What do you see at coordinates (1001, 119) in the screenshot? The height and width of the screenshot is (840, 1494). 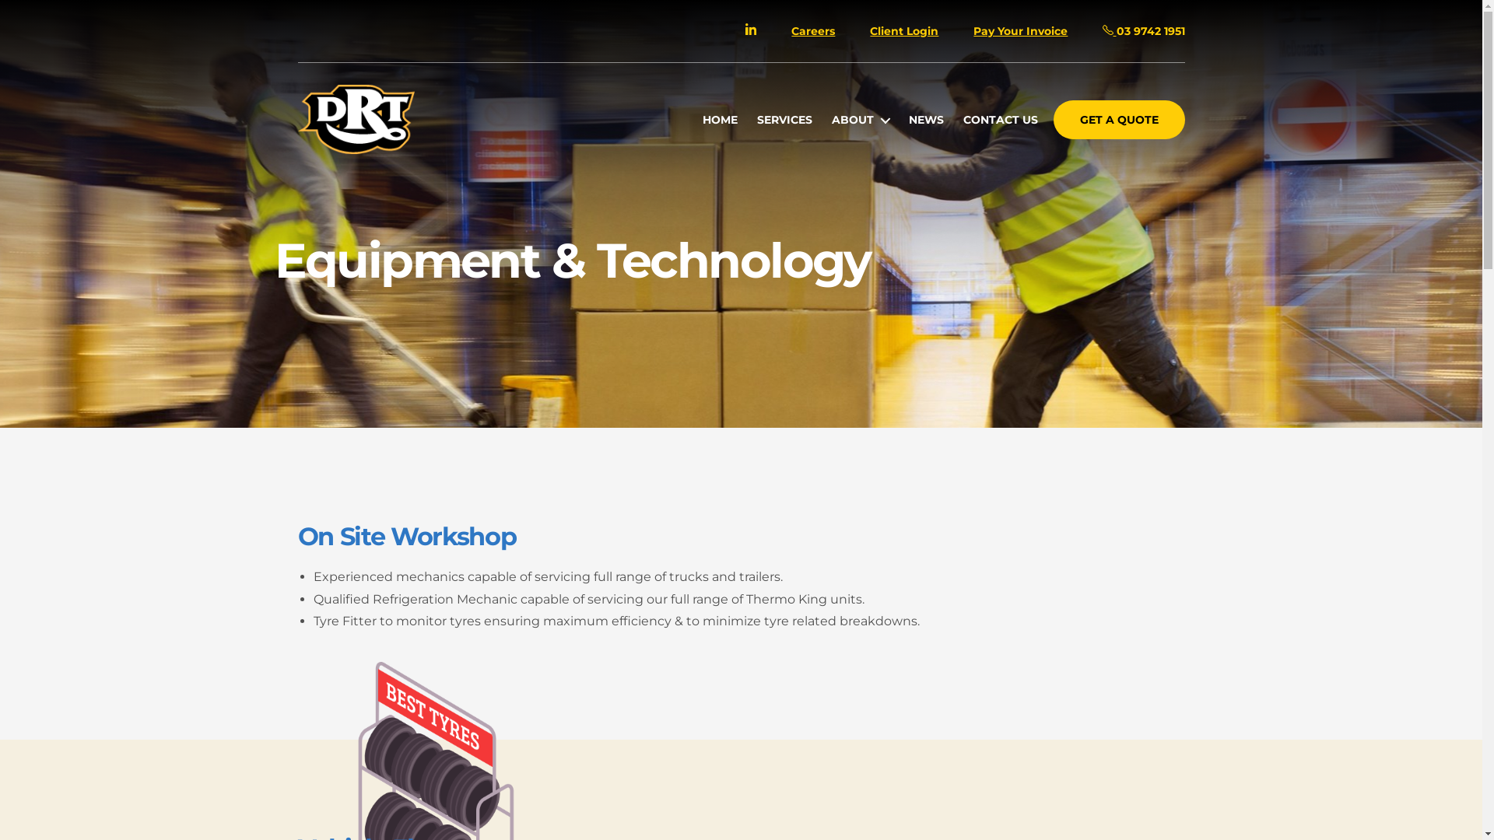 I see `'CONTACT US'` at bounding box center [1001, 119].